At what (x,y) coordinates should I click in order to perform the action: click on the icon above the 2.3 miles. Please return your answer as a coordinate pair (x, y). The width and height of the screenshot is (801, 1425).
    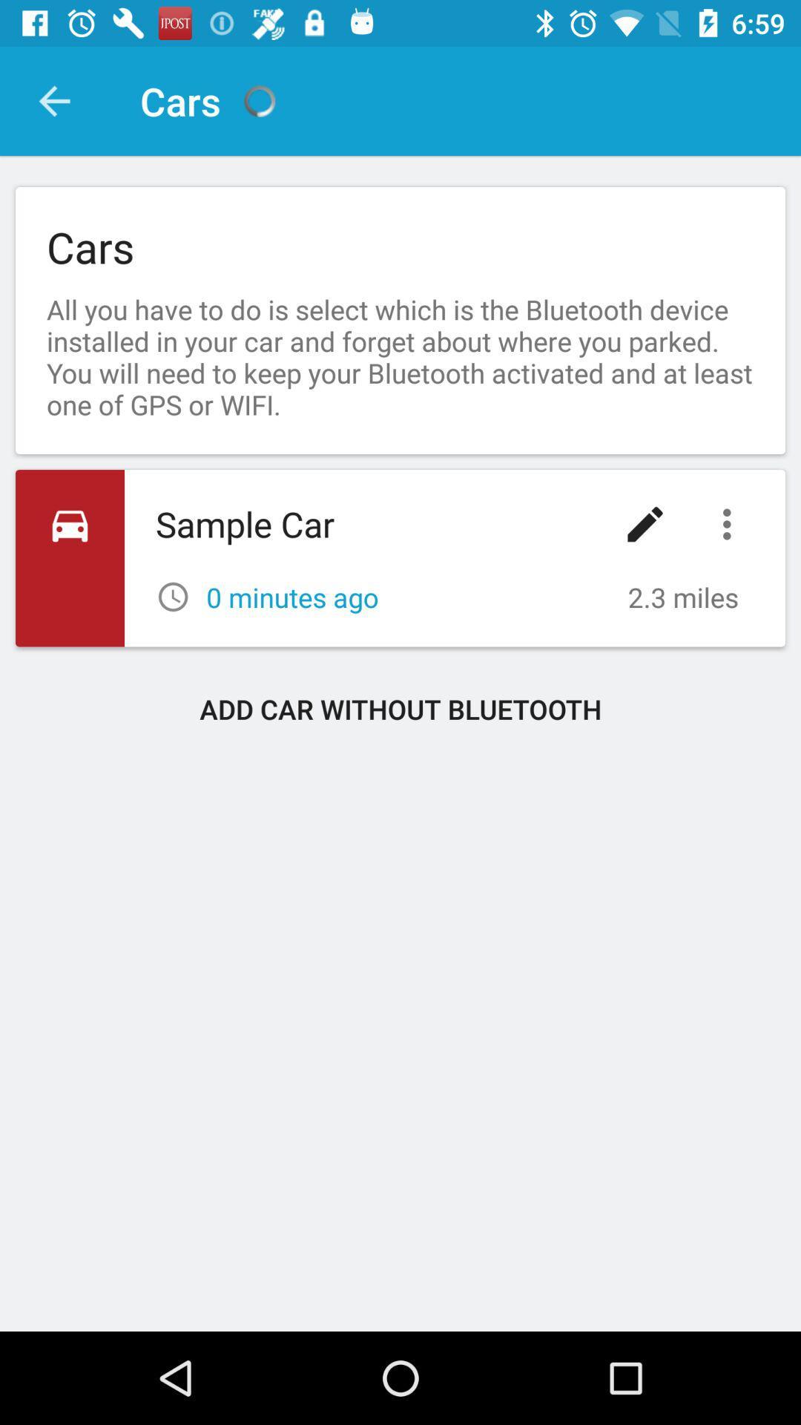
    Looking at the image, I should click on (645, 524).